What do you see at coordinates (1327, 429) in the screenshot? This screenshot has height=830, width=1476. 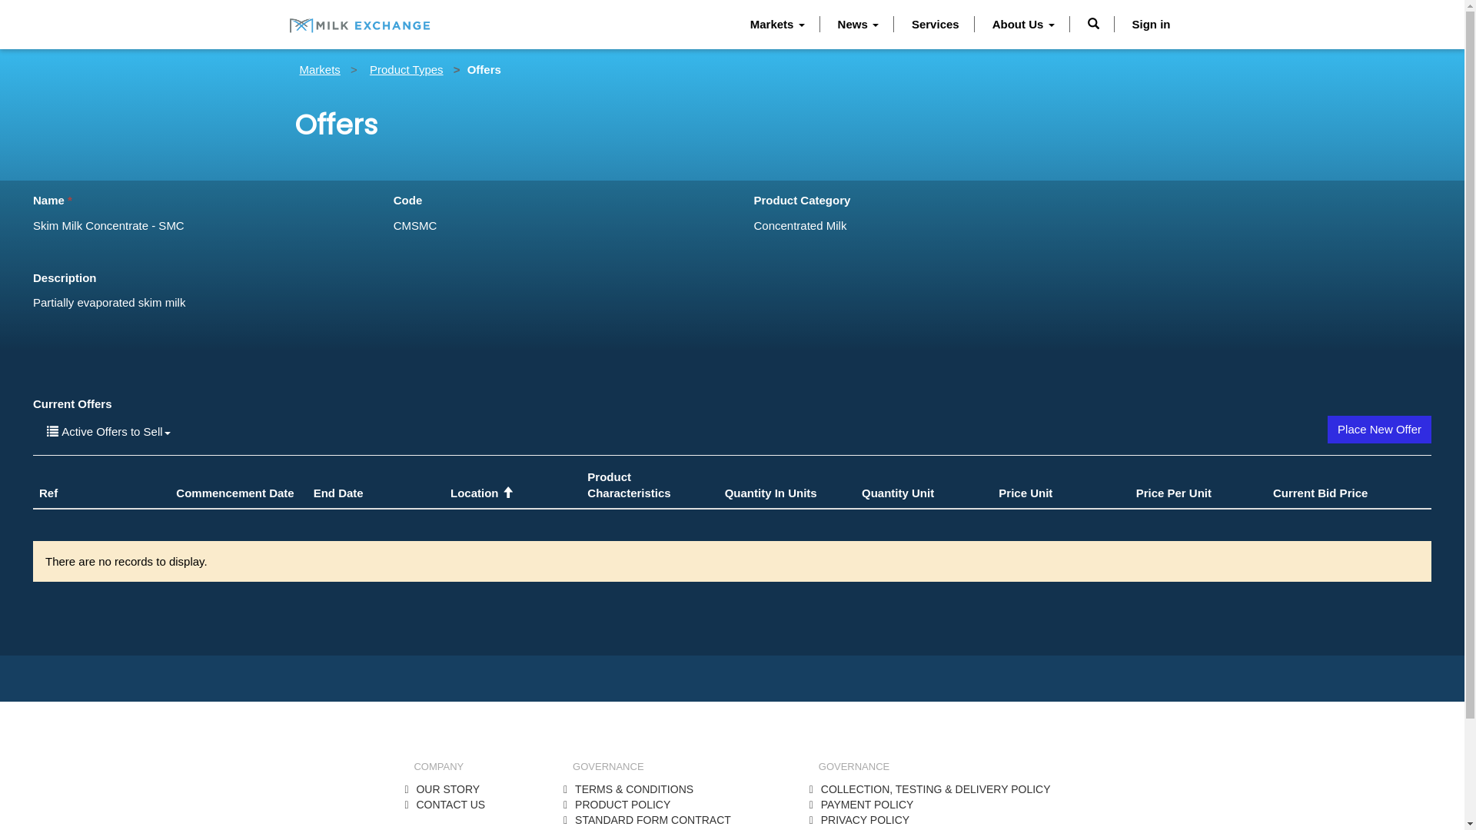 I see `'Place New Offer'` at bounding box center [1327, 429].